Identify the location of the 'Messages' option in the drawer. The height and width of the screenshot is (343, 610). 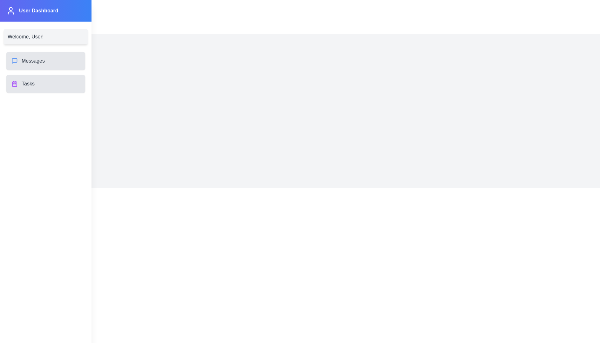
(45, 61).